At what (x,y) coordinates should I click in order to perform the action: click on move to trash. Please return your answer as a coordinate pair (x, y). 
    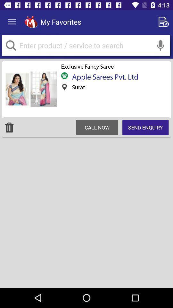
    Looking at the image, I should click on (9, 127).